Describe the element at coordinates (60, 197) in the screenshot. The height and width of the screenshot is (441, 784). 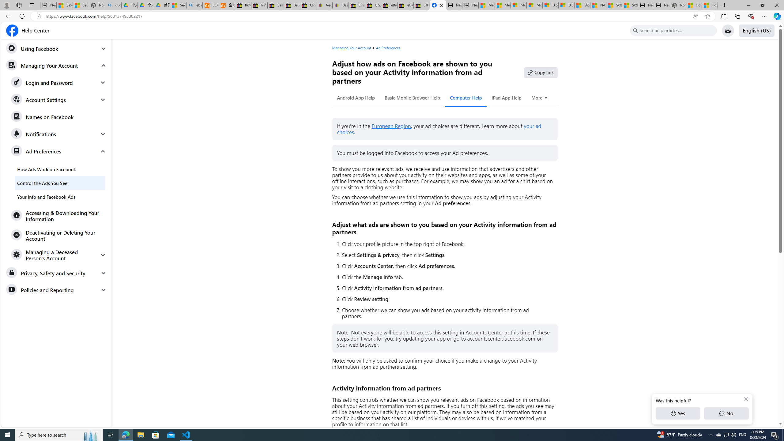
I see `'Your Info and Facebook Ads'` at that location.